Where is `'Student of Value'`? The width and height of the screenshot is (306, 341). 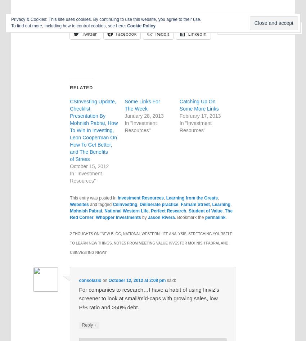
'Student of Value' is located at coordinates (206, 210).